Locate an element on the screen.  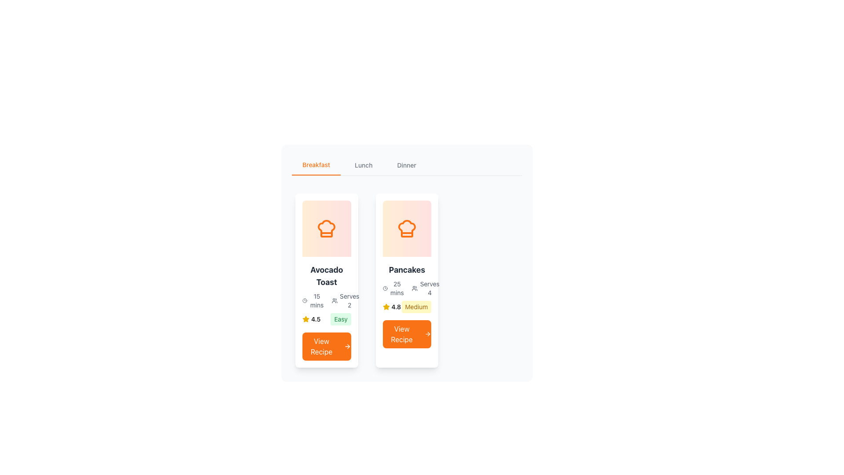
the rating display element located to the left of the 'Medium' label in the bottom section of the second card under the 'Breakfast' category is located at coordinates (391, 307).